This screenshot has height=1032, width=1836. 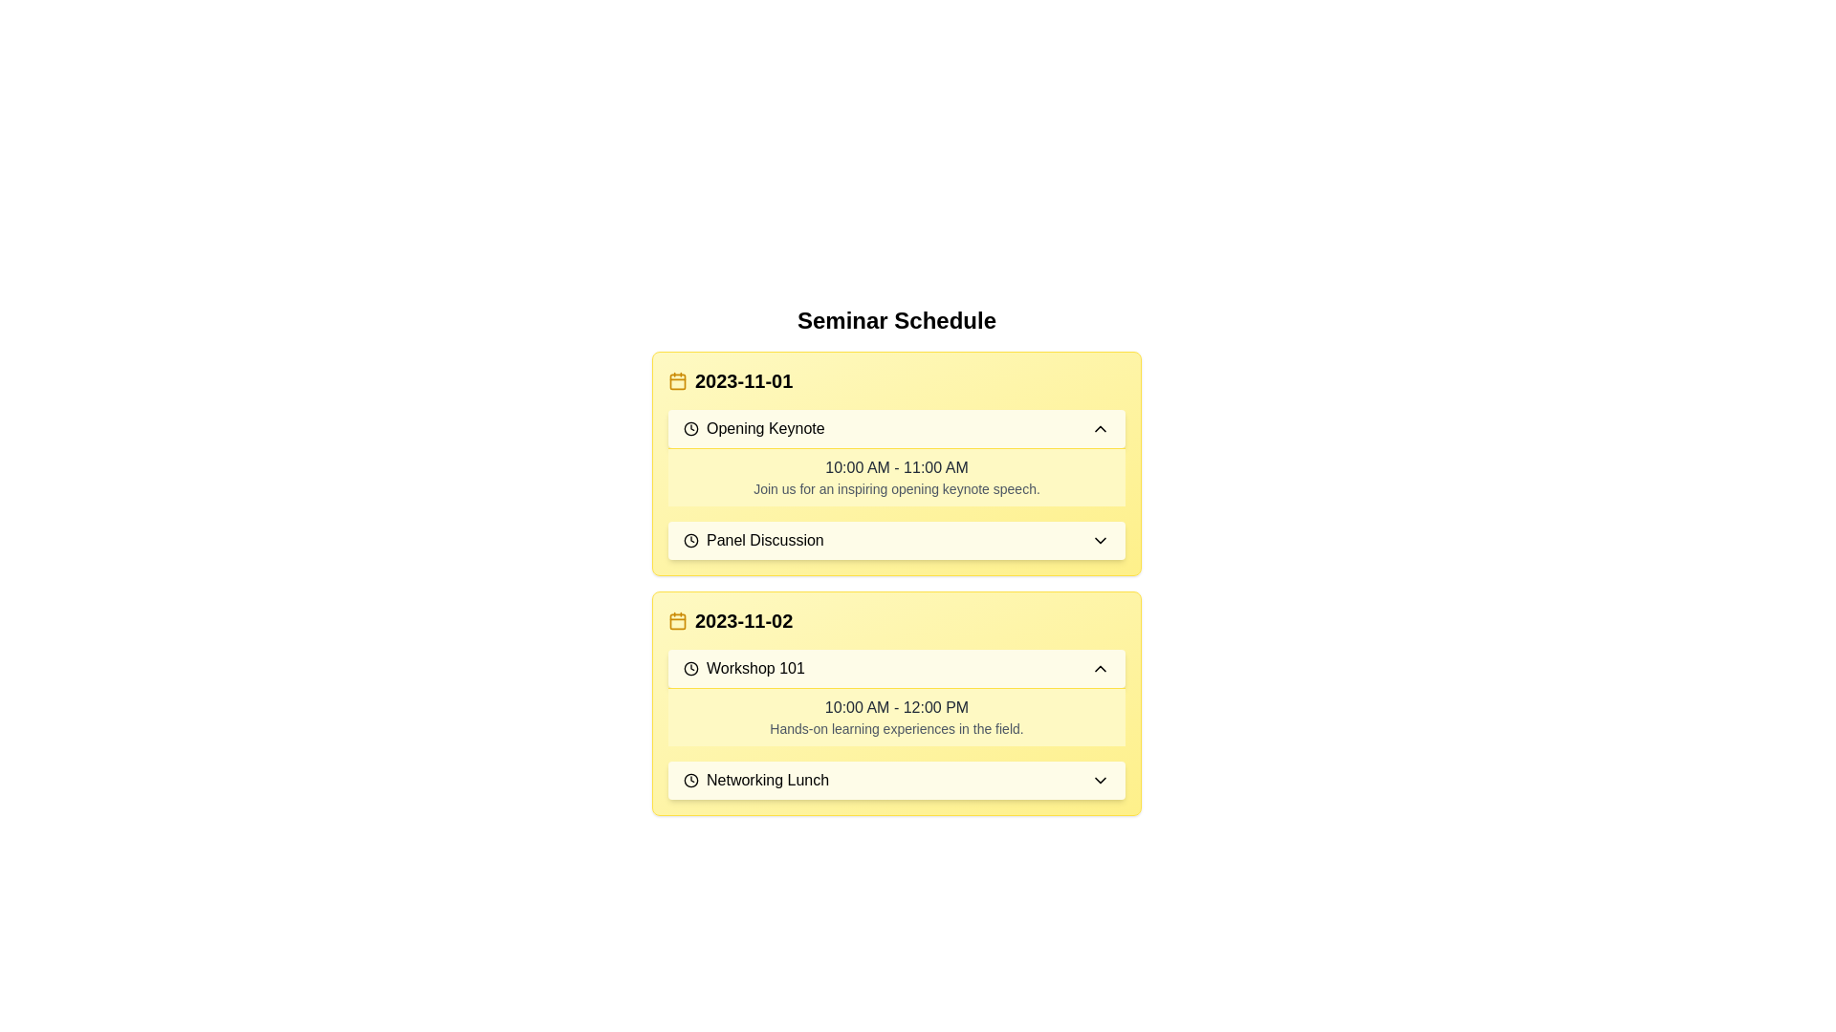 I want to click on the informational block with a yellow background displaying the text '10:00 AM - 12:00 PM' and 'Hands-on learning experiences in the field.' located under the 'Workshop 101' header for '2023-11-02', so click(x=895, y=717).